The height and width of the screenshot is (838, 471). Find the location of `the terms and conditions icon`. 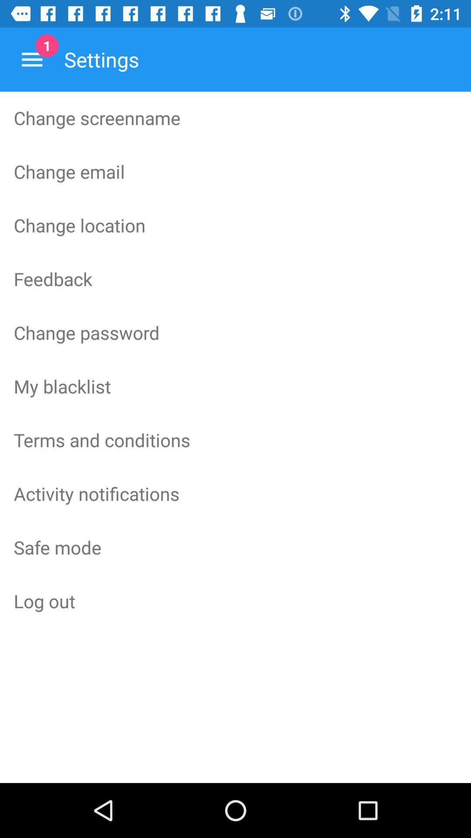

the terms and conditions icon is located at coordinates (235, 440).